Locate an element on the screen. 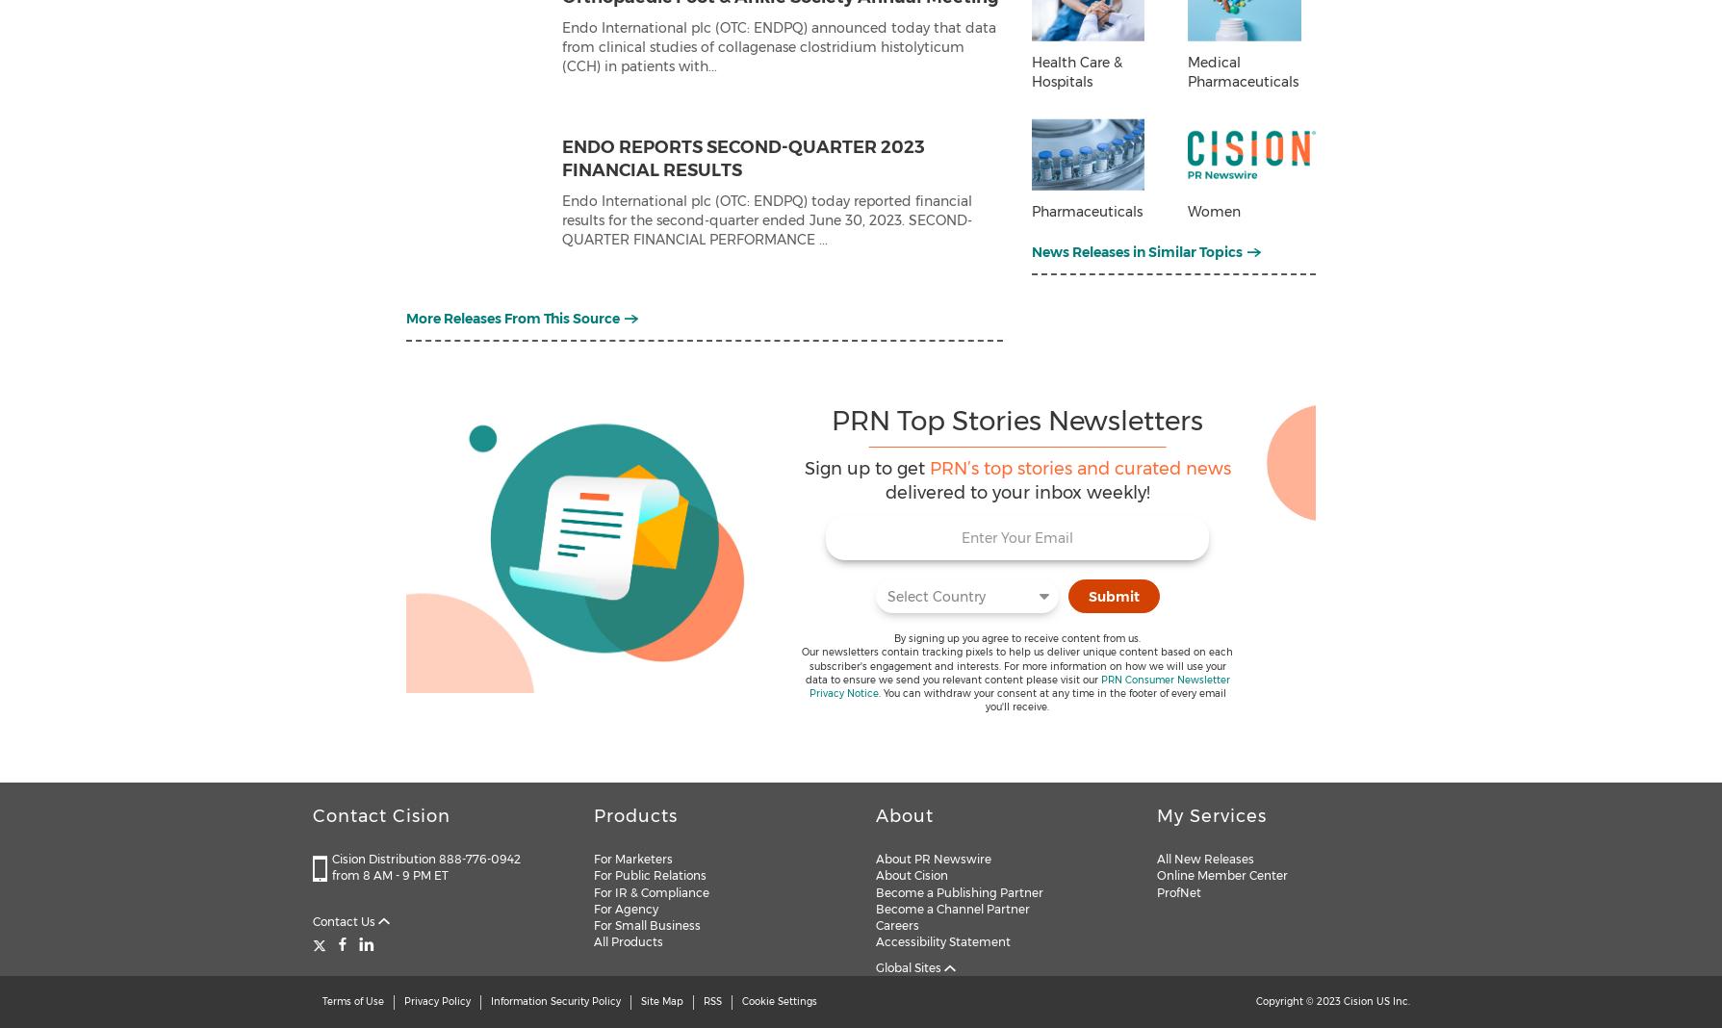 The width and height of the screenshot is (1722, 1028). 'PRN Top Stories Newsletters' is located at coordinates (1015, 421).